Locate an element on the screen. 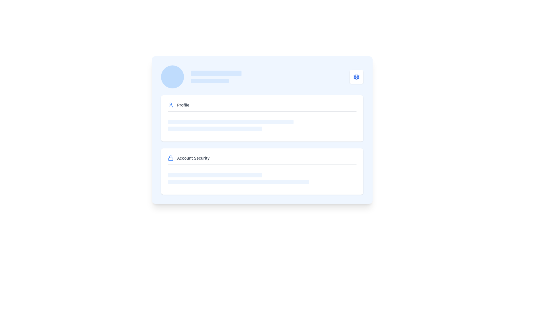 This screenshot has width=552, height=310. the 'Account Security' text label, which is styled with a small font size and medium weight, located to the right of a lock icon in the second section of the page is located at coordinates (193, 158).